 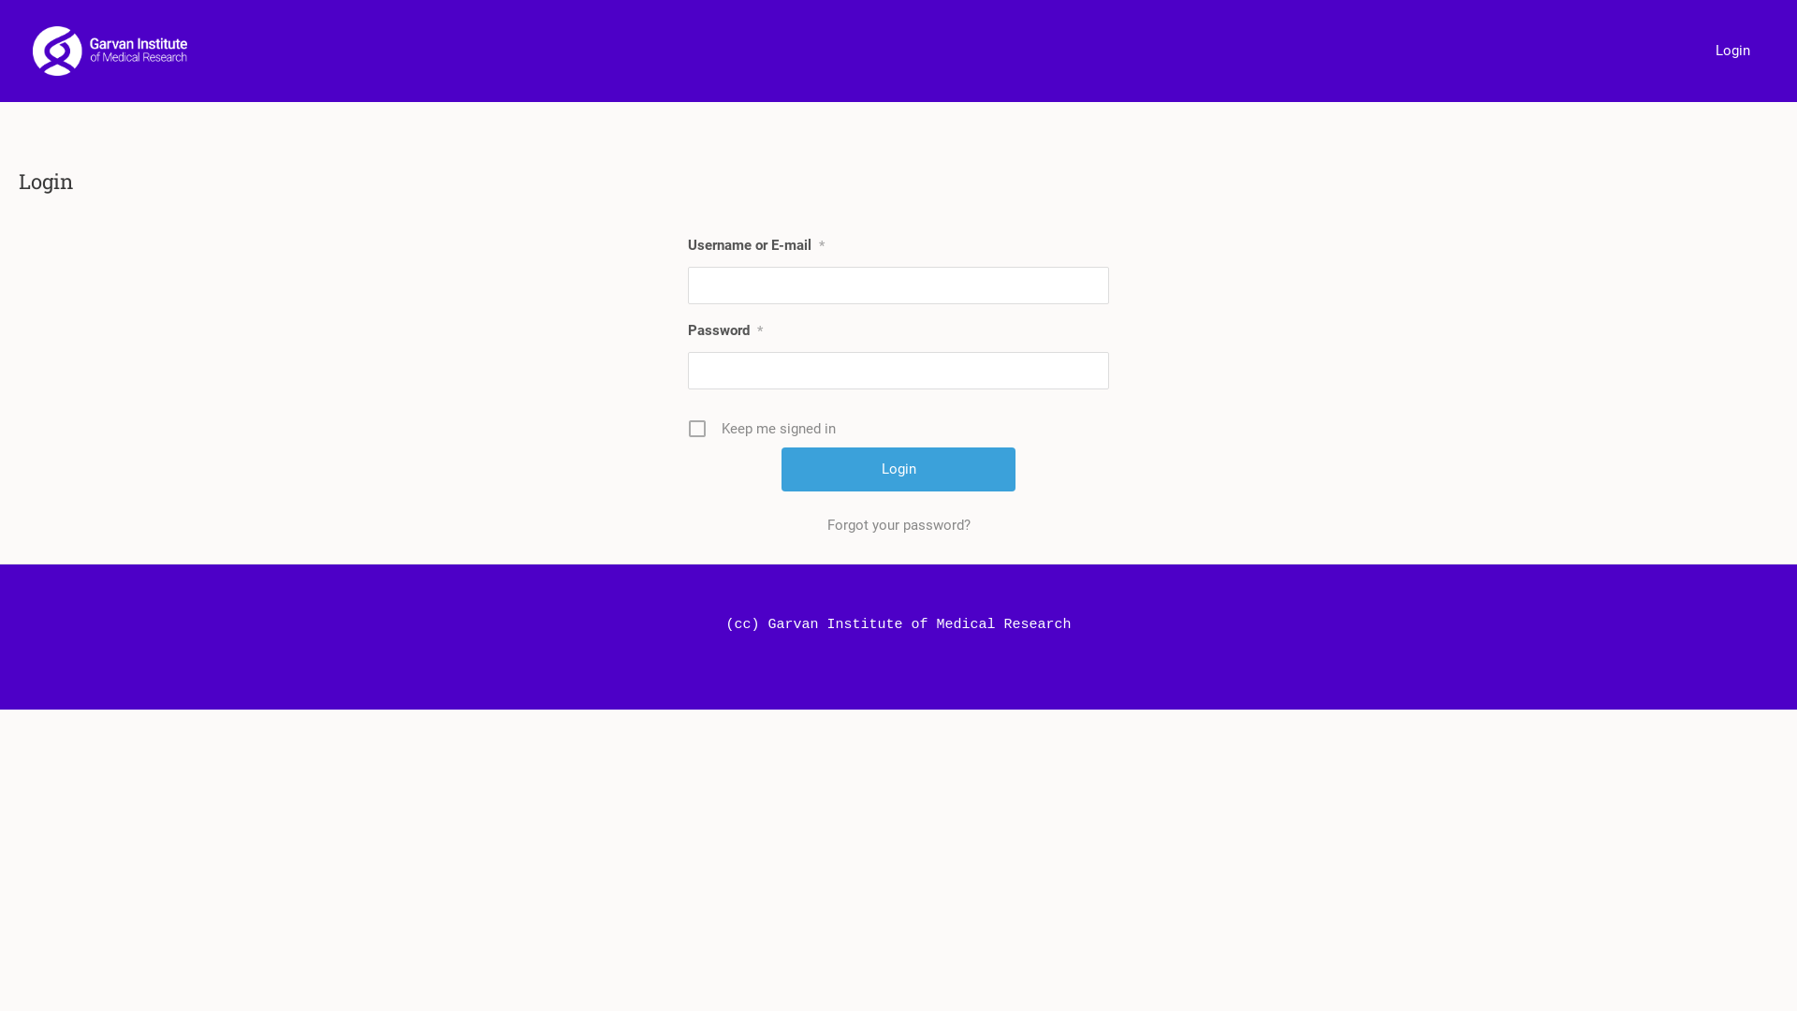 I want to click on 'Login', so click(x=1702, y=50).